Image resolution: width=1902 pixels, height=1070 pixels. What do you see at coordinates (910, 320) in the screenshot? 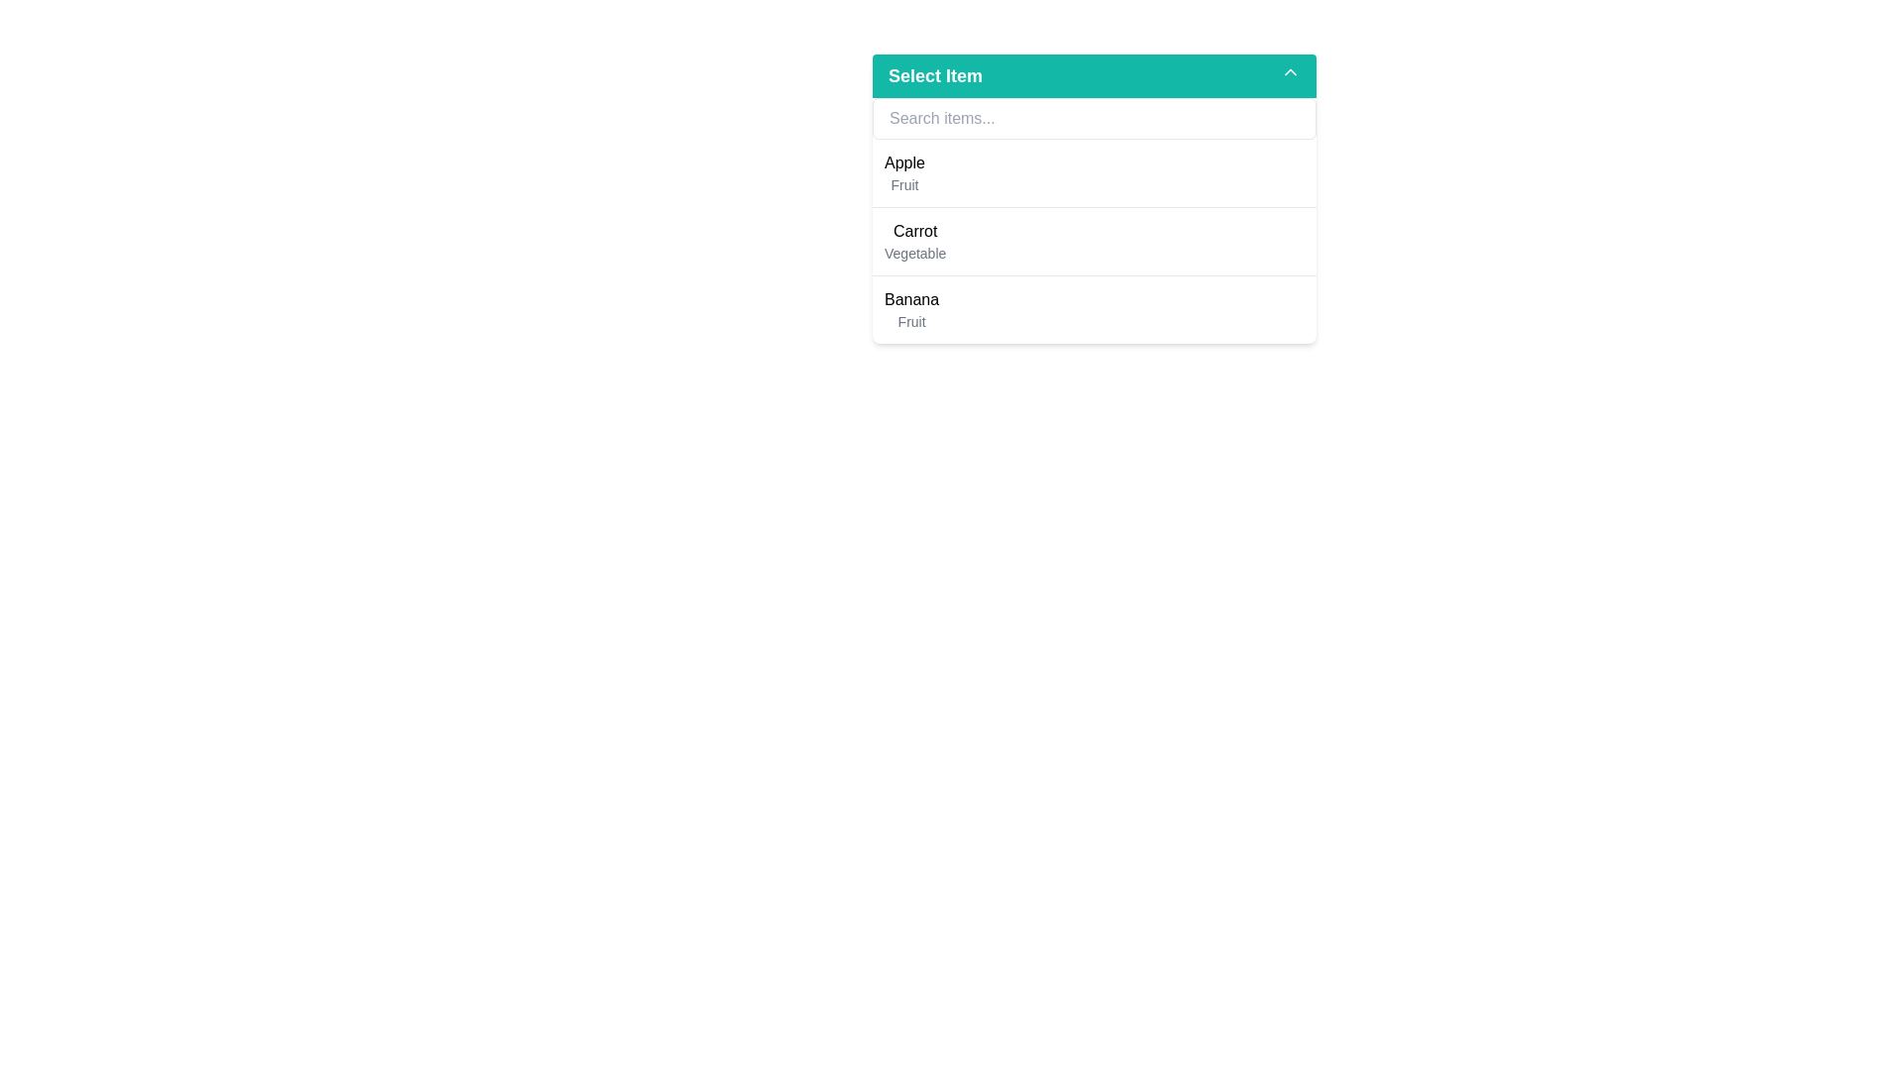
I see `the static text label indicating that 'Banana' belongs to the category 'Fruit', which is located in the dropdown menu labeled 'Select Item' and positioned directly below the entry labeled 'Banana'` at bounding box center [910, 320].